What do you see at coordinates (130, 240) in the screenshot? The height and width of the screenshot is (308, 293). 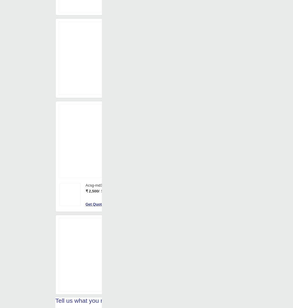 I see `'Acsg-md30 Acrylic Sign Board, For Promotional, 4 Mm'` at bounding box center [130, 240].